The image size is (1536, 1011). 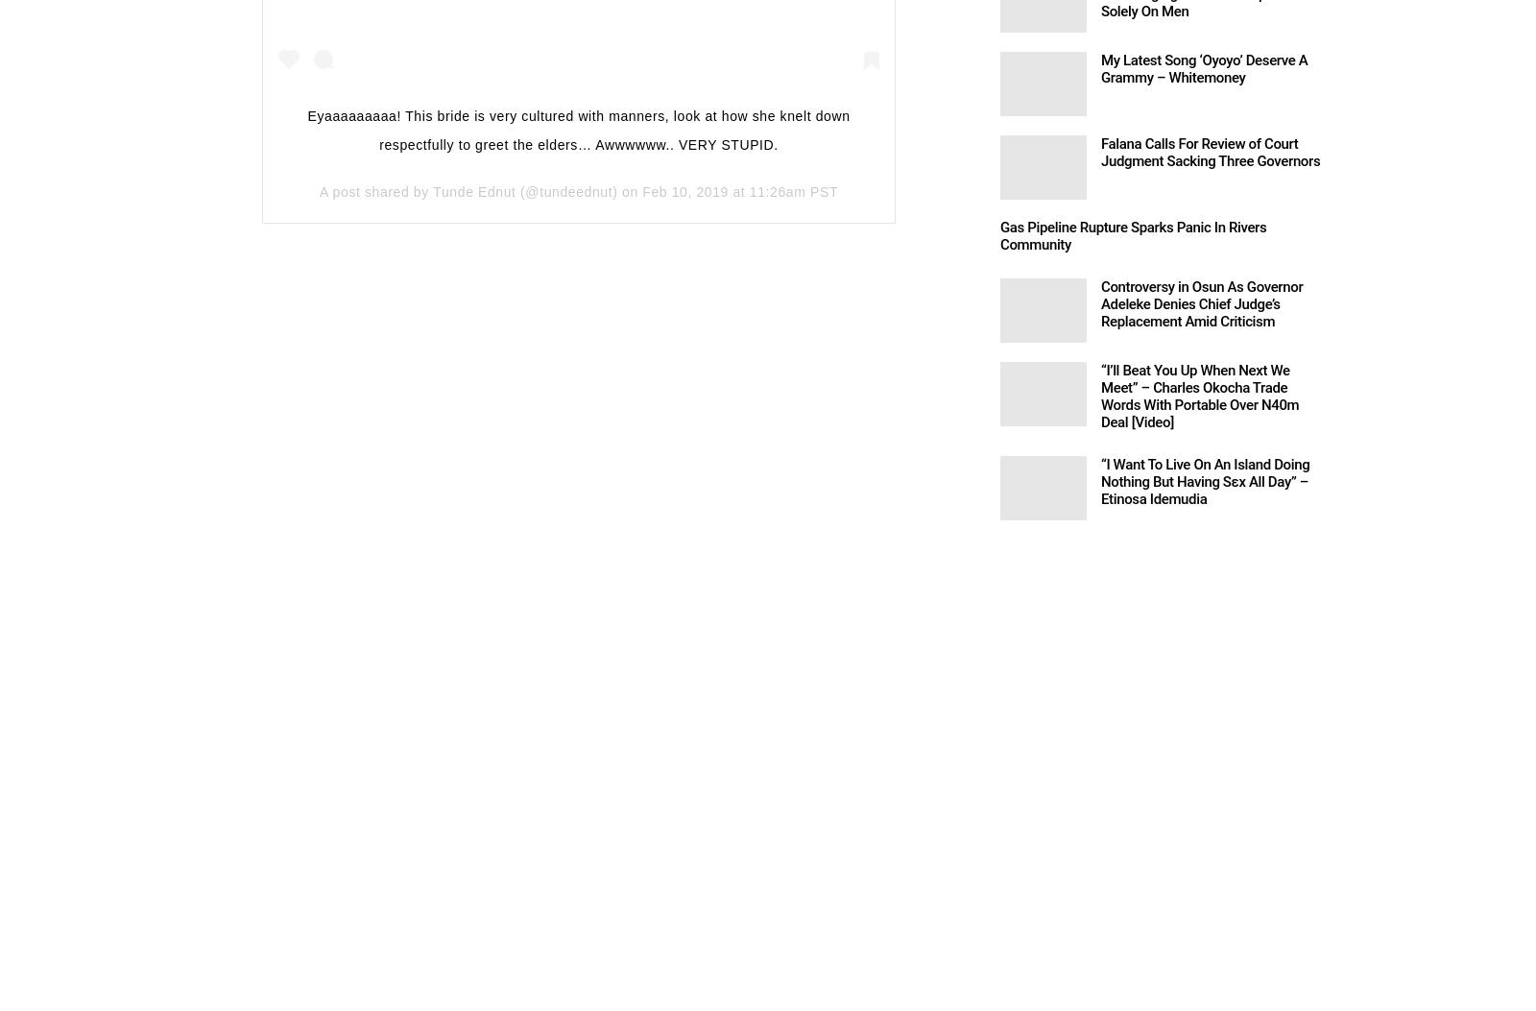 What do you see at coordinates (579, 191) in the screenshot?
I see `'(@tundeednut) on'` at bounding box center [579, 191].